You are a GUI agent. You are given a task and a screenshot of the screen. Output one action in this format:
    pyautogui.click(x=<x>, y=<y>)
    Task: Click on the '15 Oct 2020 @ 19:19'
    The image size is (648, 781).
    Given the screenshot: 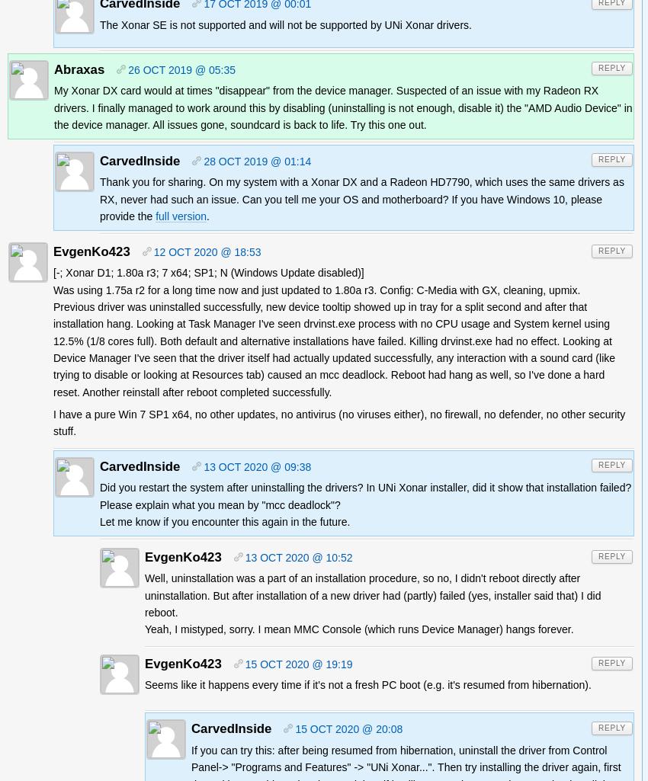 What is the action you would take?
    pyautogui.click(x=298, y=664)
    